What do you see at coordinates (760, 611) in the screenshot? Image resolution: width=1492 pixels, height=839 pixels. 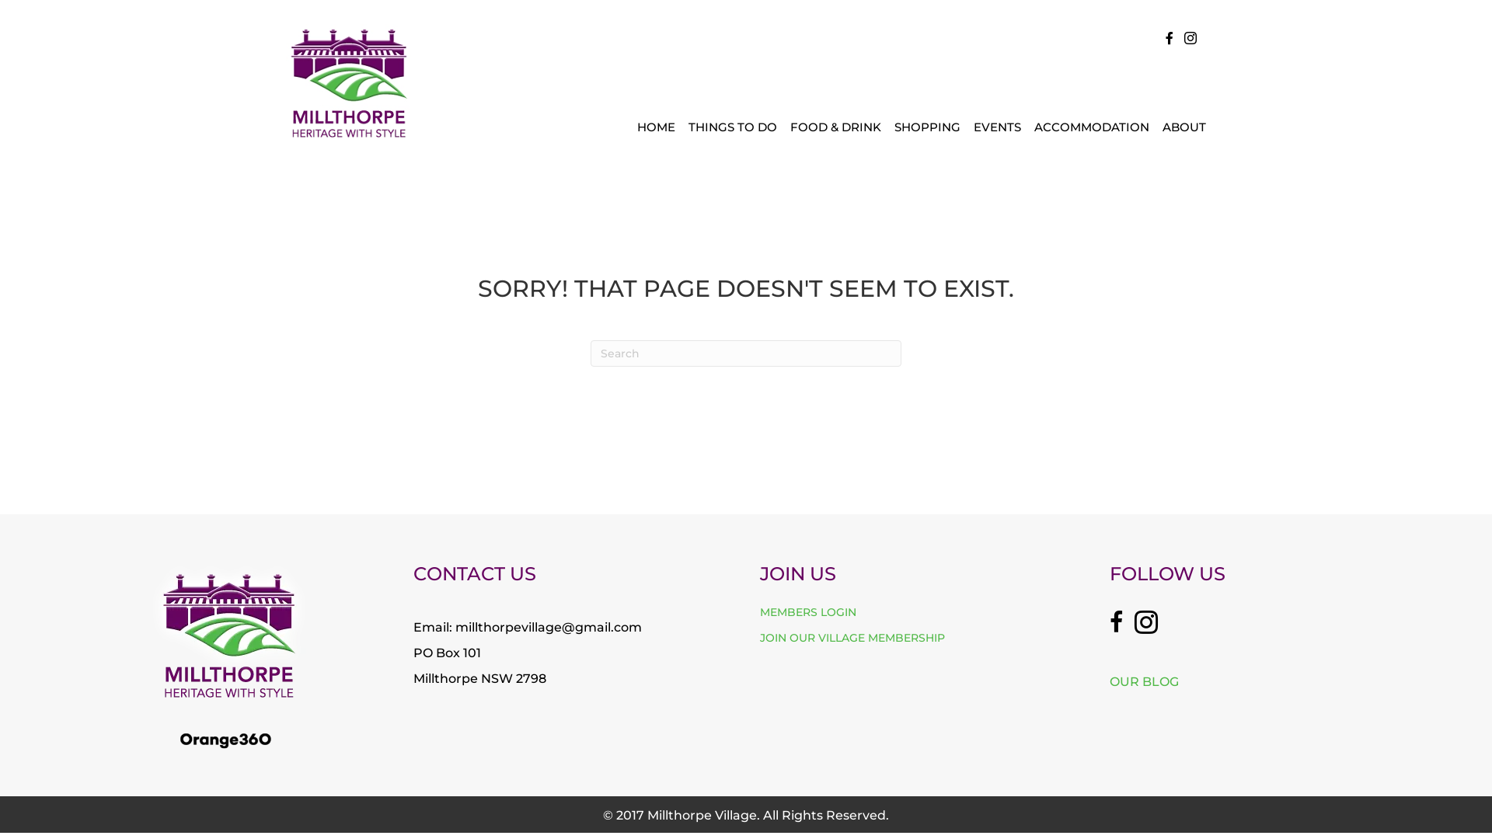 I see `'MEMBERS LOGIN'` at bounding box center [760, 611].